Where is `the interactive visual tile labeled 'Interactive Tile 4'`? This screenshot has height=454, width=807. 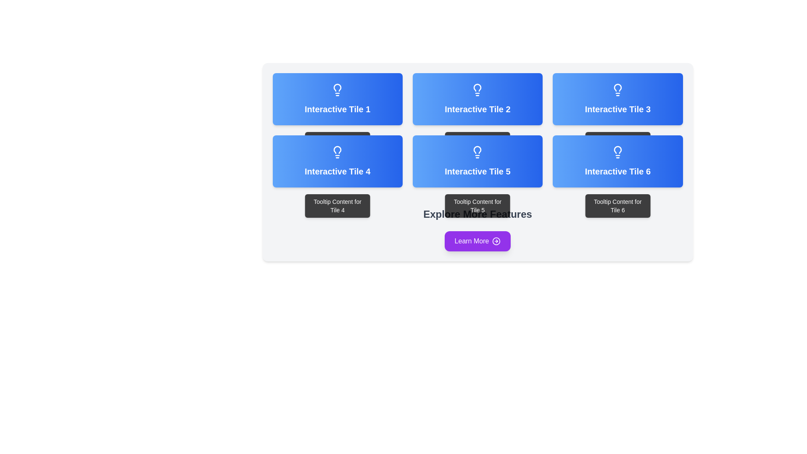 the interactive visual tile labeled 'Interactive Tile 4' is located at coordinates (338, 161).